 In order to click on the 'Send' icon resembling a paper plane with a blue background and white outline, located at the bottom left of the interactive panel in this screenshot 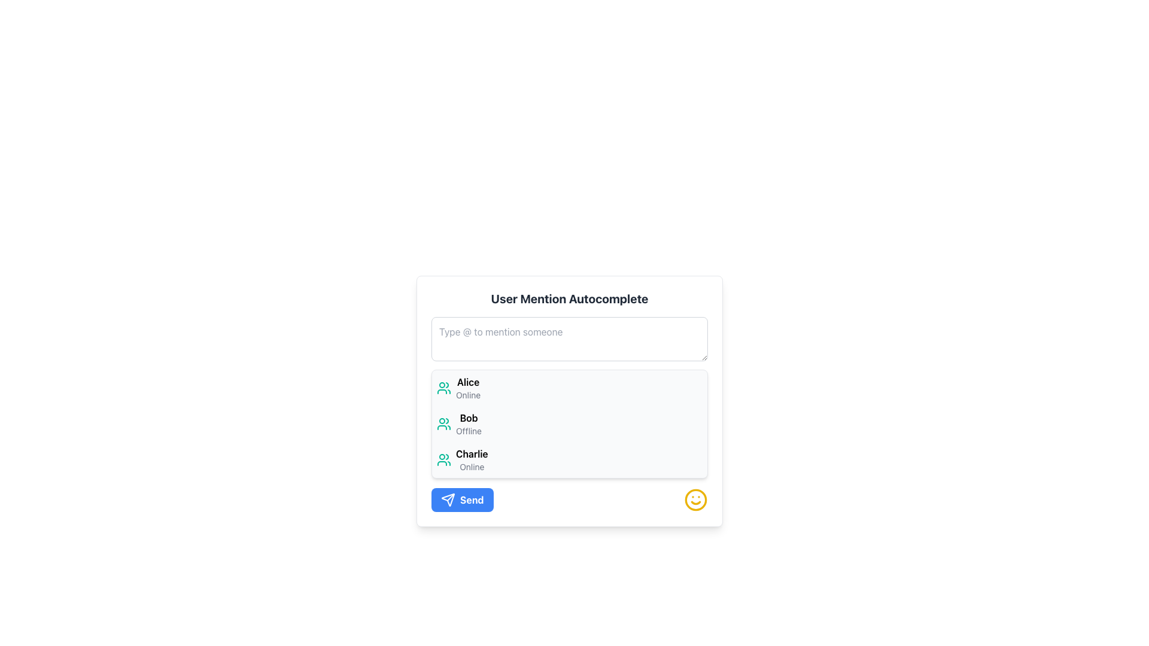, I will do `click(447, 500)`.